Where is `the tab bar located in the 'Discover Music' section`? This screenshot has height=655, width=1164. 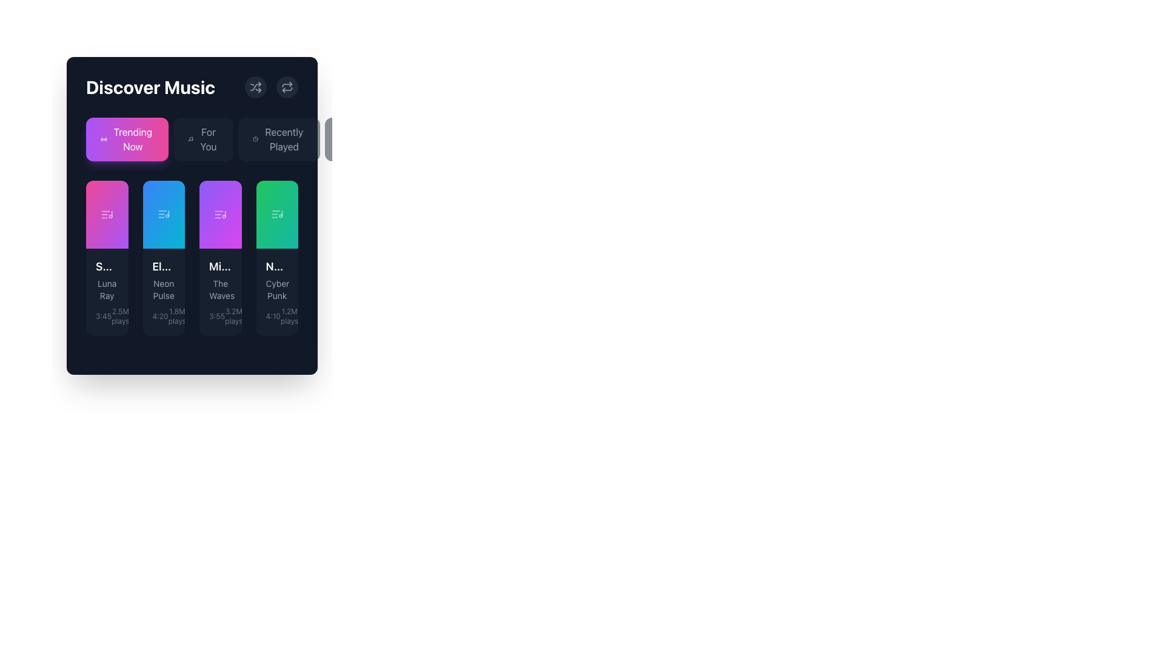 the tab bar located in the 'Discover Music' section is located at coordinates (191, 139).